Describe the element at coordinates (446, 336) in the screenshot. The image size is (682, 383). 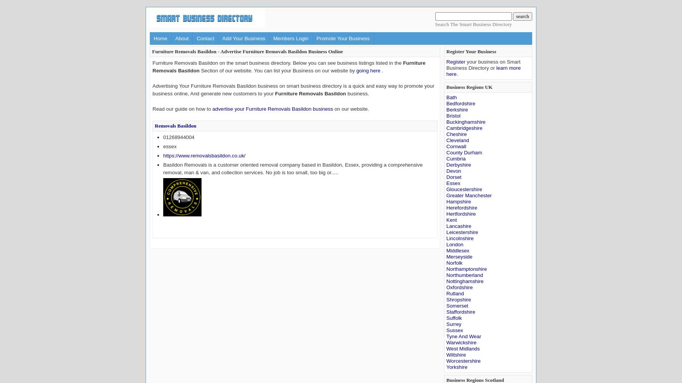
I see `'Tyne And Wear'` at that location.